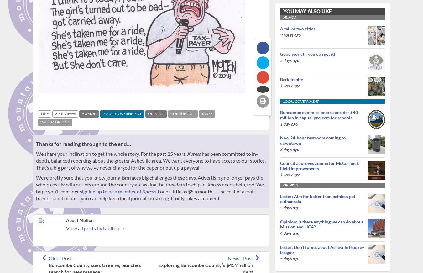 The width and height of the screenshot is (423, 273). Describe the element at coordinates (149, 181) in the screenshot. I see `'We’re pretty sure that you know journalism faces big challenges these days. Advertising no longer pays the whole cost. Media outlets around the country are asking their readers to chip in.'` at that location.